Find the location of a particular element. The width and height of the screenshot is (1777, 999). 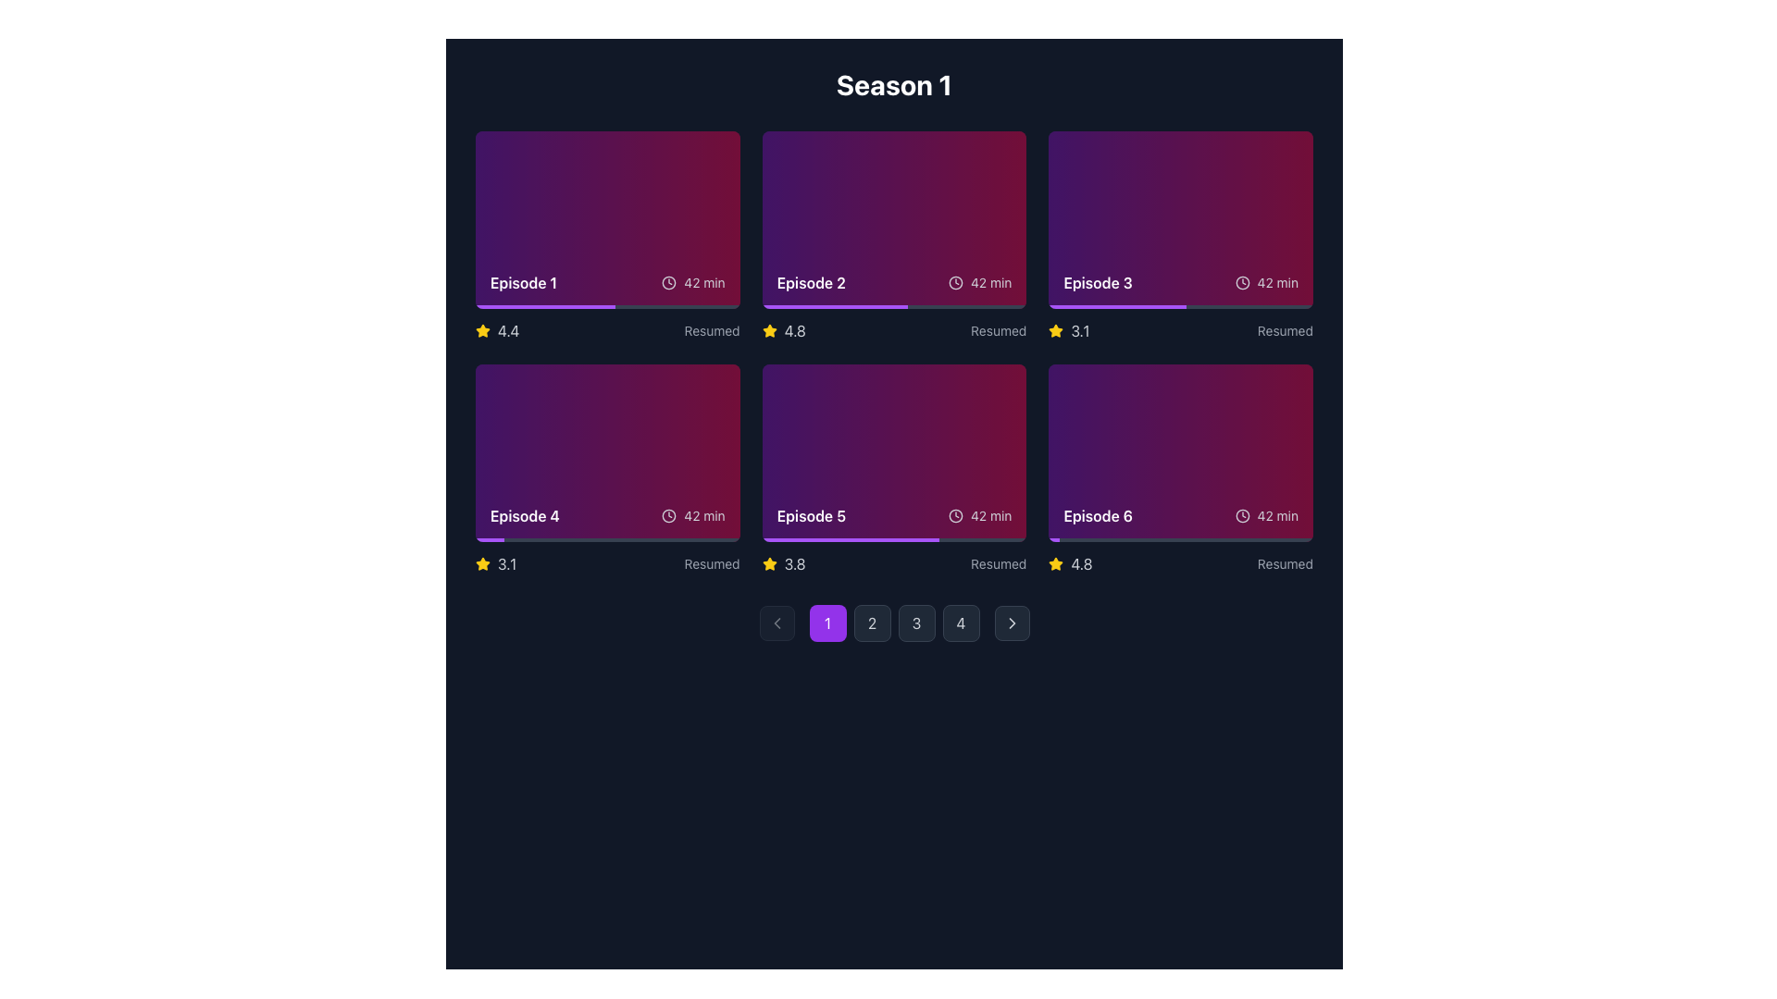

the Preview card representing 'Episode 6' in the grid layout is located at coordinates (1180, 469).